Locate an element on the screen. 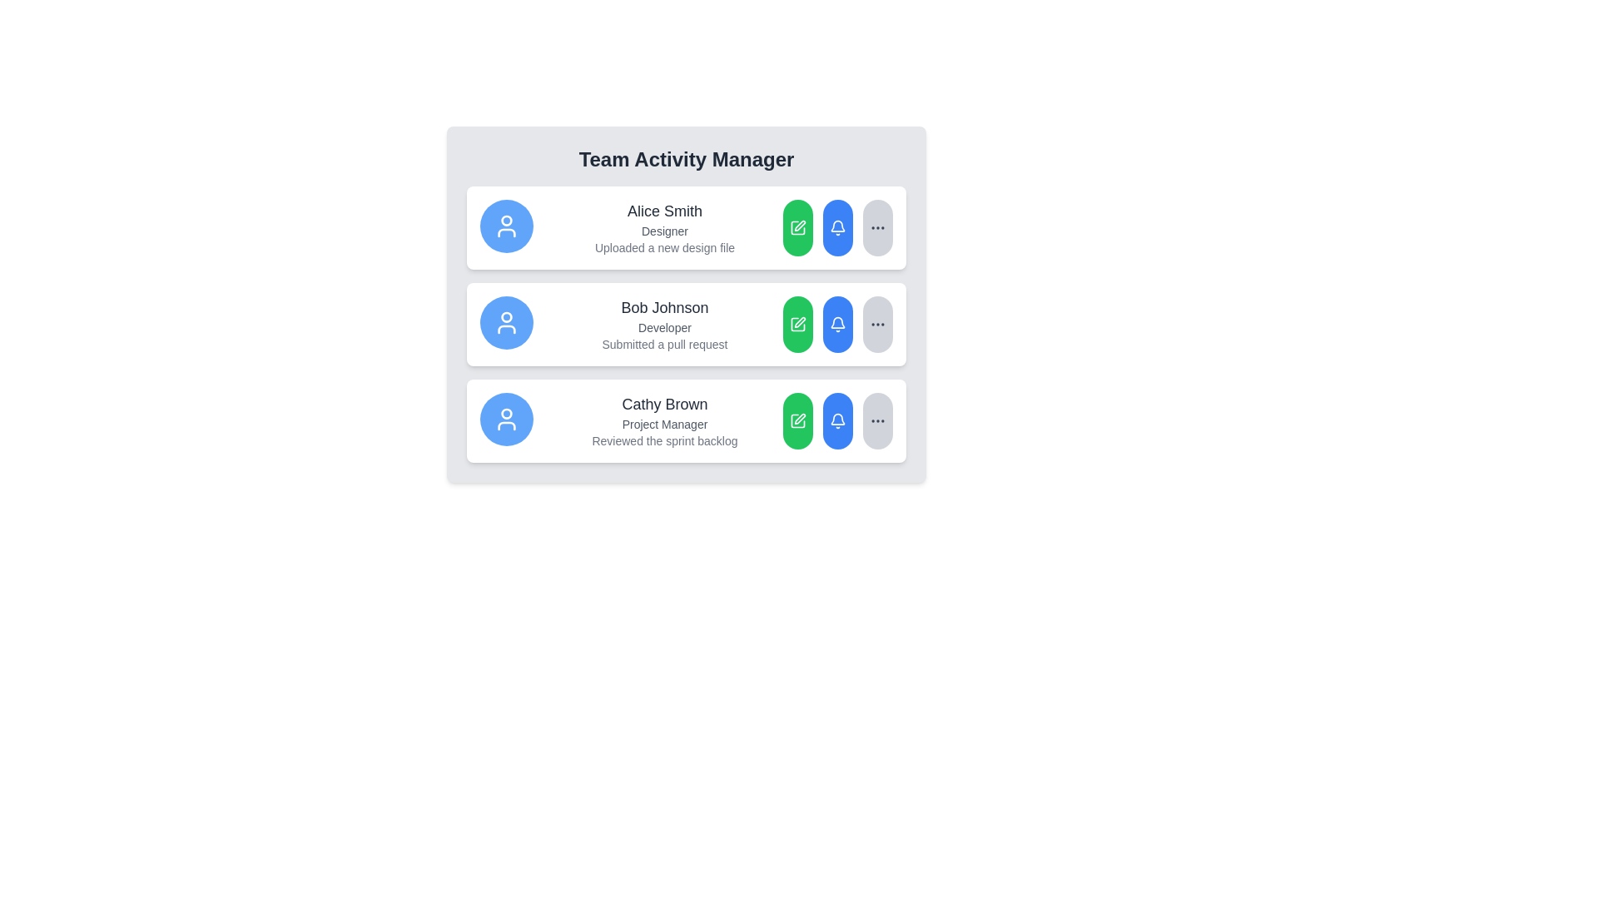  the round green button with a white pen icon for 'Cathy Brown' is located at coordinates (797, 420).